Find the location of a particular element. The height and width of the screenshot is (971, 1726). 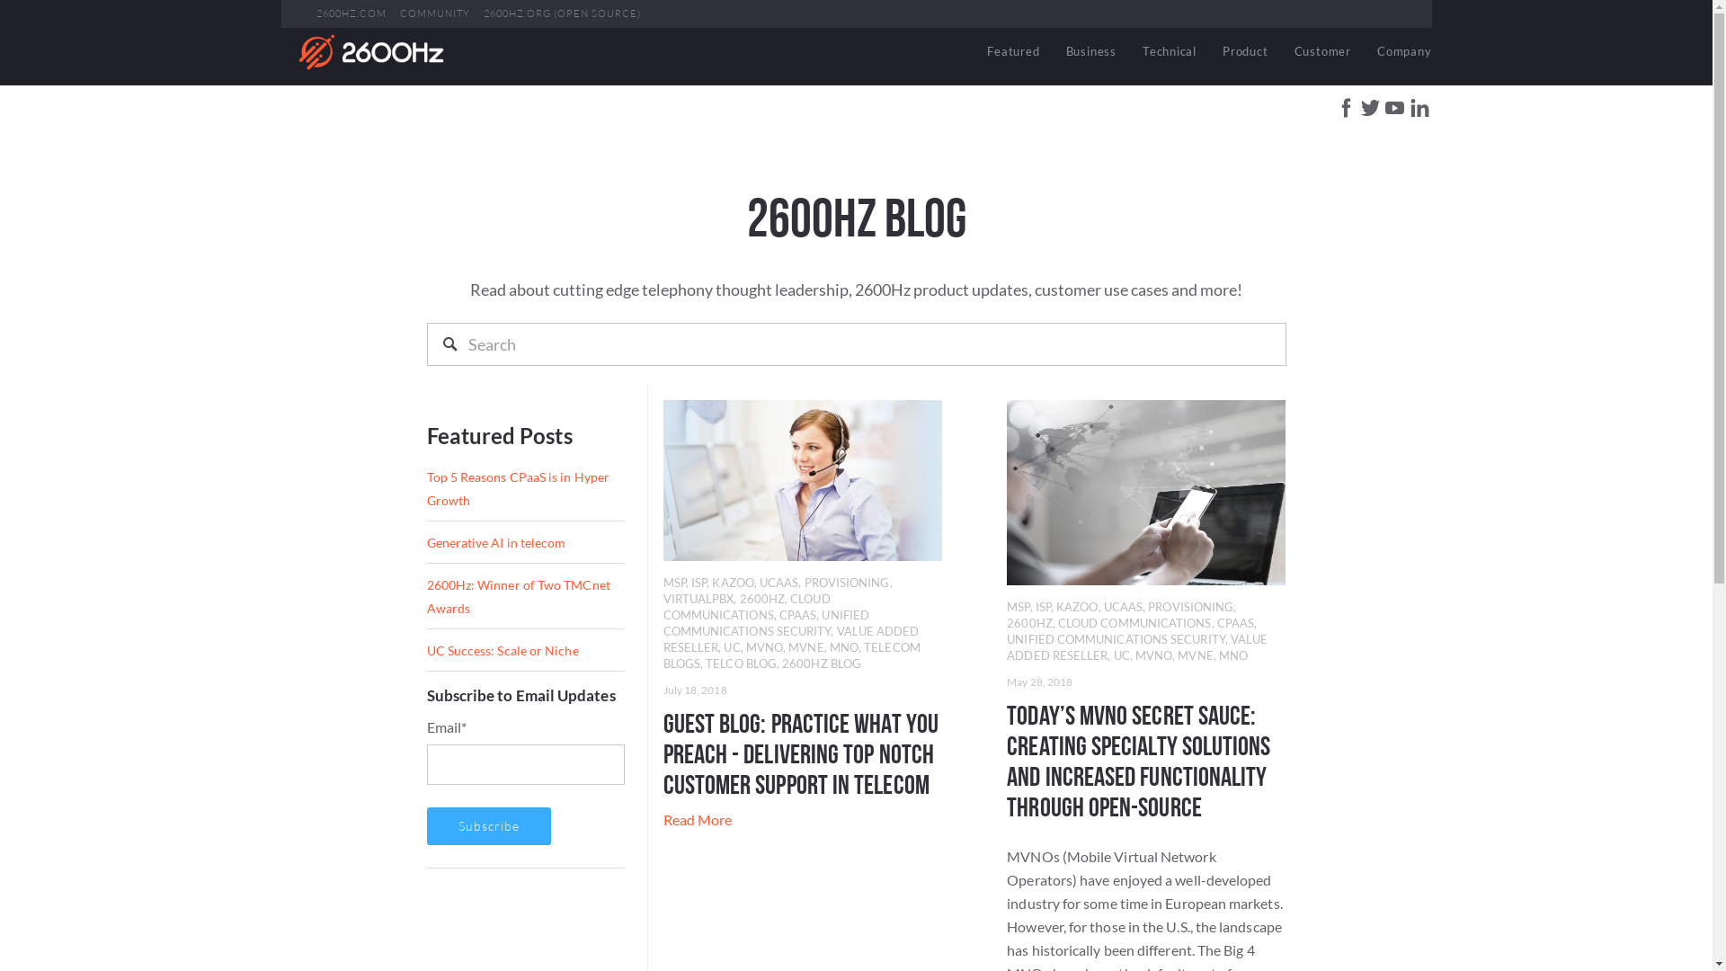

'UC' is located at coordinates (732, 647).